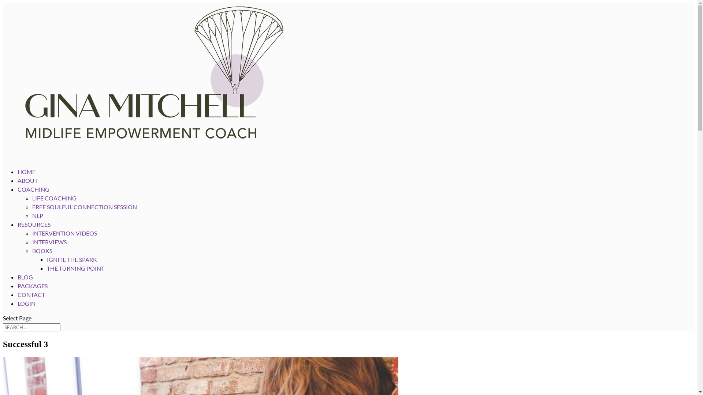 The width and height of the screenshot is (703, 395). What do you see at coordinates (31, 207) in the screenshot?
I see `'FREE SOULFUL CONNECTION SESSION'` at bounding box center [31, 207].